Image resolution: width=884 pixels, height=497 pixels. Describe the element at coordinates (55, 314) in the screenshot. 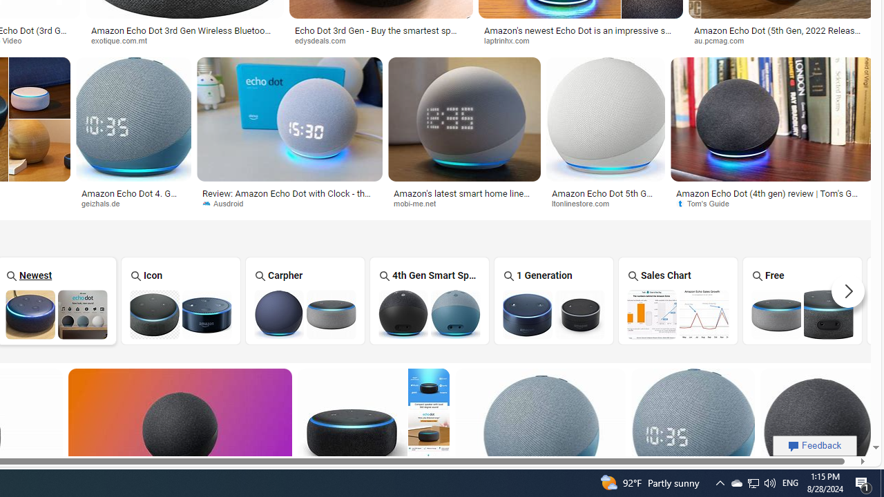

I see `'Newest Amazon Echo Dot'` at that location.